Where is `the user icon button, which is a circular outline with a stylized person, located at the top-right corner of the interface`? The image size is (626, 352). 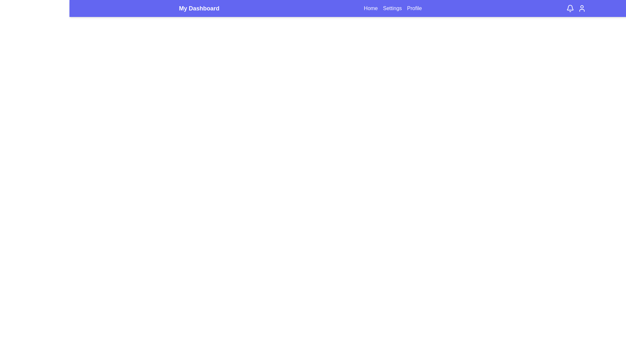
the user icon button, which is a circular outline with a stylized person, located at the top-right corner of the interface is located at coordinates (582, 8).